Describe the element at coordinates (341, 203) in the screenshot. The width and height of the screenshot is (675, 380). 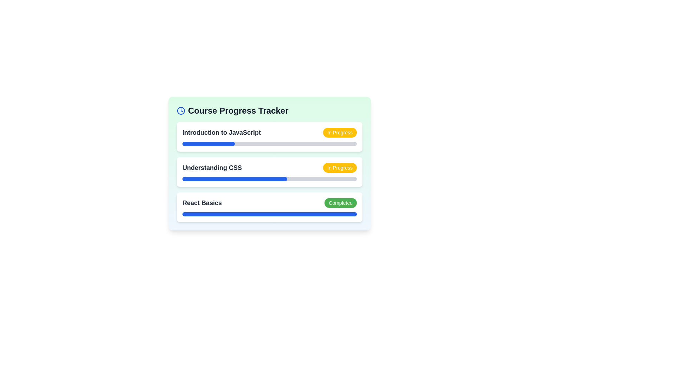
I see `the Status label on the right side of the 'React Basics' entry in the 'Course Progress Tracker' interface` at that location.